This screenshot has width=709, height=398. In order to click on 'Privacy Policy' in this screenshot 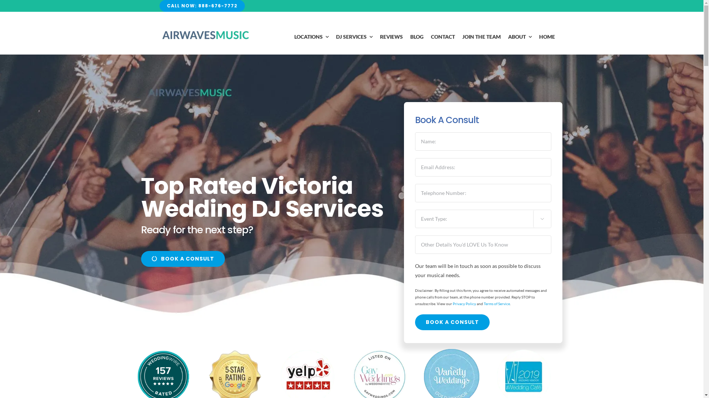, I will do `click(452, 304)`.